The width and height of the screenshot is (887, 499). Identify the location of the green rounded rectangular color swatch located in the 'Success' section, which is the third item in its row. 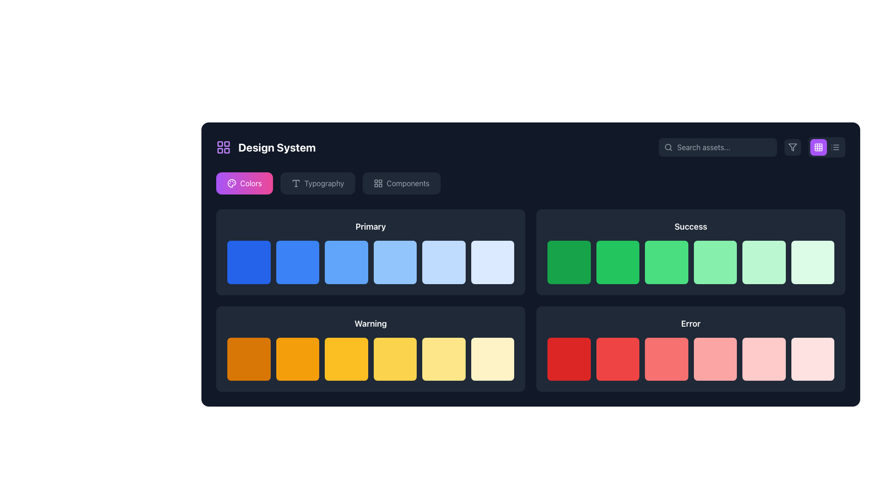
(713, 261).